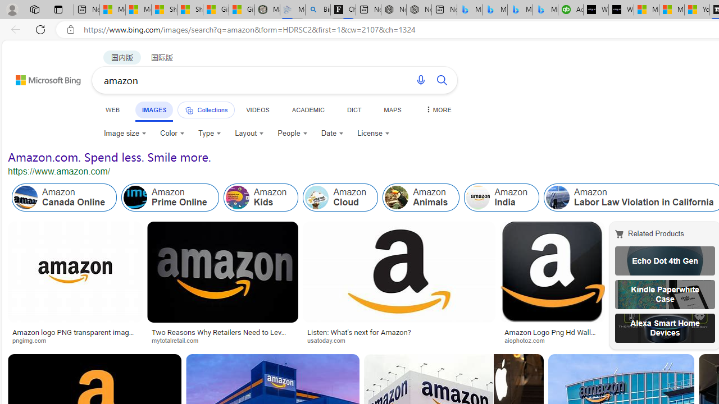  I want to click on 'Alexa Smart Home Devices', so click(665, 328).